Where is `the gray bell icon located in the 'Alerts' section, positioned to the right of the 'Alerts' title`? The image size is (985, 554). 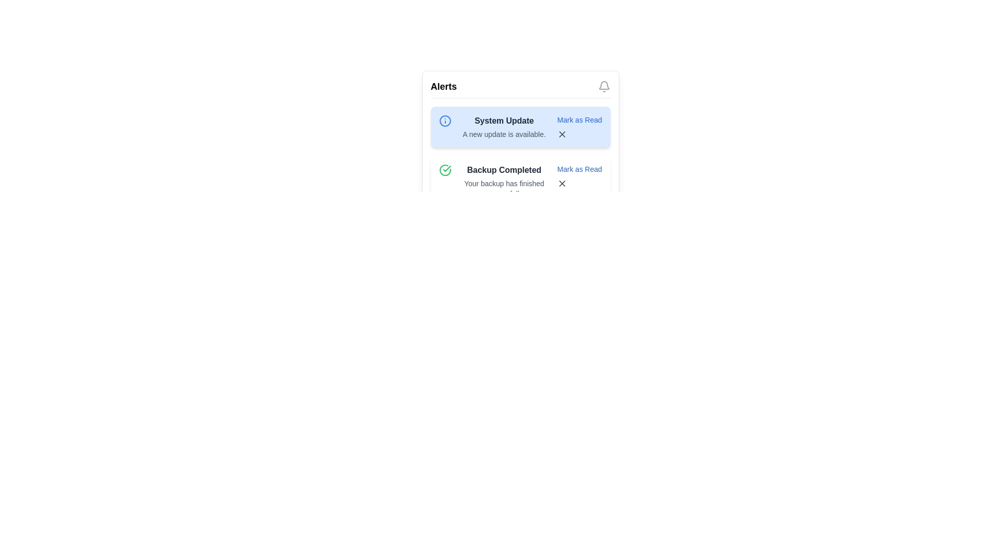 the gray bell icon located in the 'Alerts' section, positioned to the right of the 'Alerts' title is located at coordinates (604, 86).